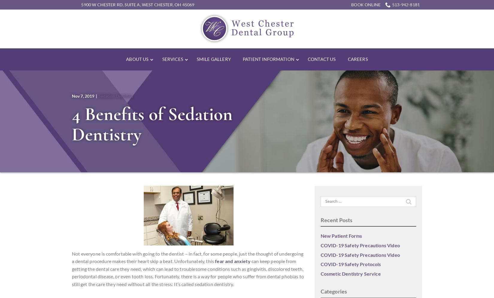  I want to click on 'Dental Crowns and Bridges', so click(294, 101).